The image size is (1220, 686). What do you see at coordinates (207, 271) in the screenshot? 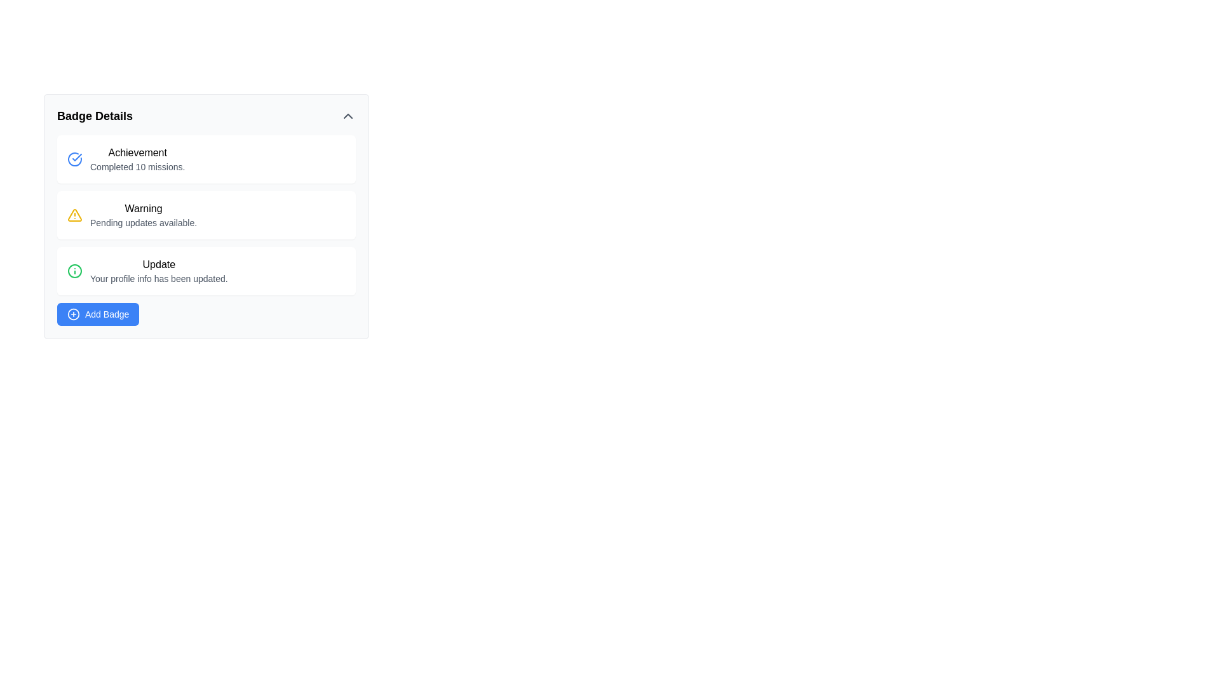
I see `the third notification card in the 'Badge Details' section, which features a green circle with an info icon, bold text 'Update', and smaller text 'Your profile info has been updated.'` at bounding box center [207, 271].